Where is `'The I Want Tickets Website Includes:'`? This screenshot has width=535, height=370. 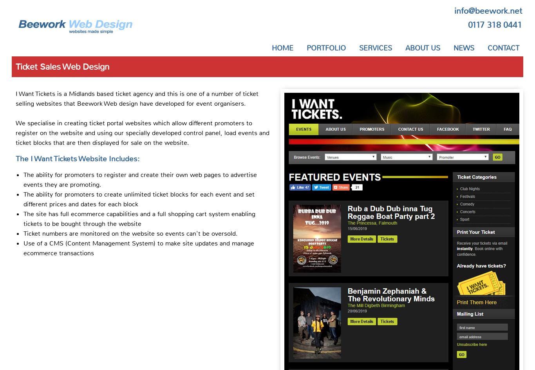 'The I Want Tickets Website Includes:' is located at coordinates (77, 158).